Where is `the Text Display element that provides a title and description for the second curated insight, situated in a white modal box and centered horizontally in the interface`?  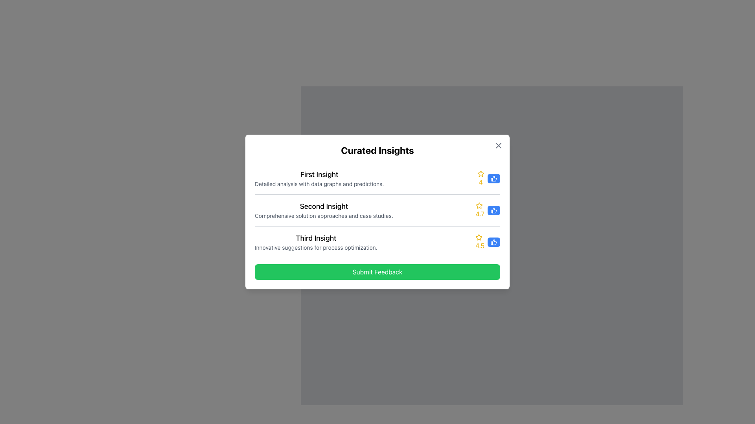 the Text Display element that provides a title and description for the second curated insight, situated in a white modal box and centered horizontally in the interface is located at coordinates (324, 210).